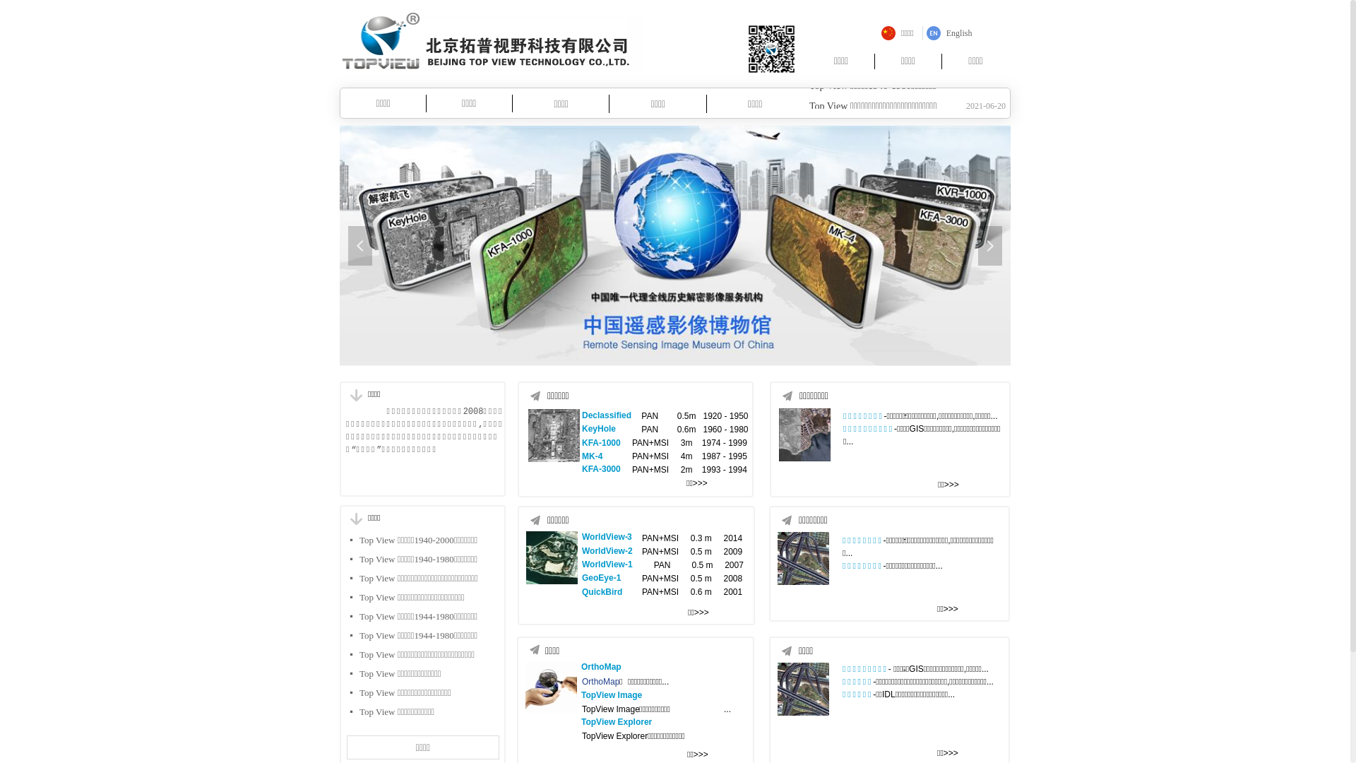  Describe the element at coordinates (605, 536) in the screenshot. I see `'WorldView-'` at that location.